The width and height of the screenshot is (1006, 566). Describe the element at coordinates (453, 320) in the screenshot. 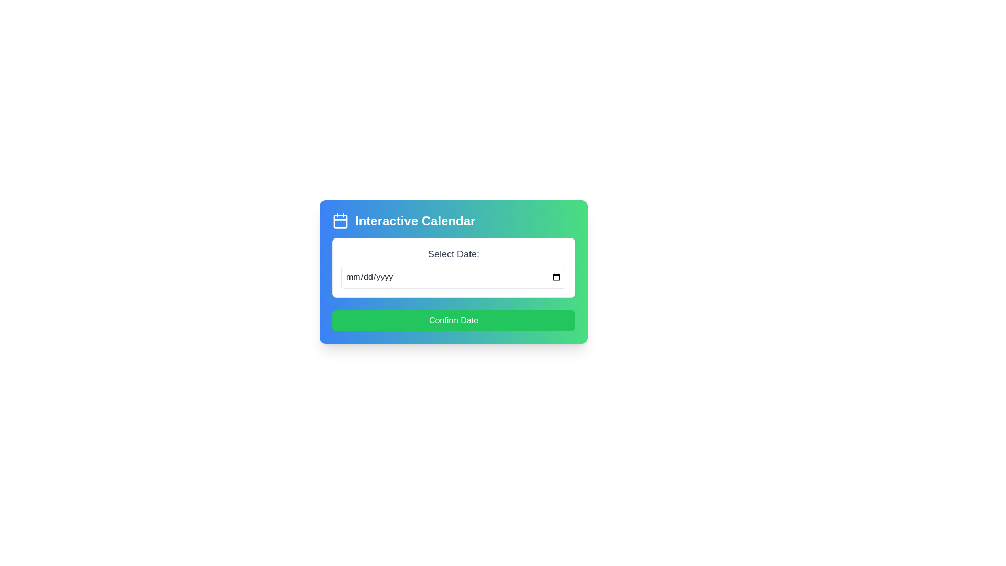

I see `the 'Confirm Date' button, which is a rectangular button with rounded corners, solid green color, and white text, located at the bottom of the card interface` at that location.